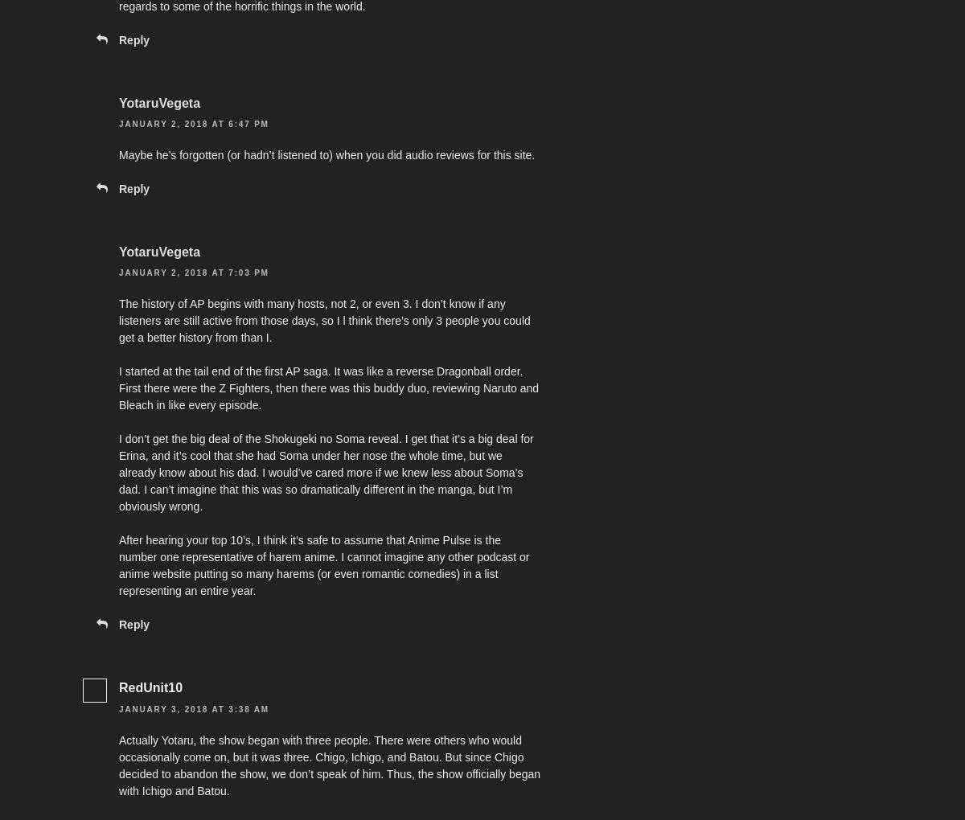 The height and width of the screenshot is (820, 965). What do you see at coordinates (192, 273) in the screenshot?
I see `'January 2, 2018 at 7:03 pm'` at bounding box center [192, 273].